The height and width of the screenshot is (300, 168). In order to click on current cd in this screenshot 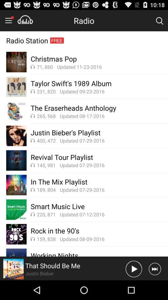, I will do `click(13, 268)`.